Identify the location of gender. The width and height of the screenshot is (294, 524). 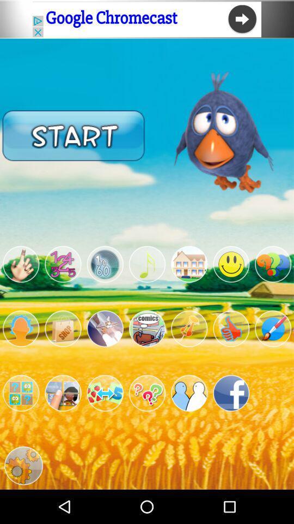
(21, 328).